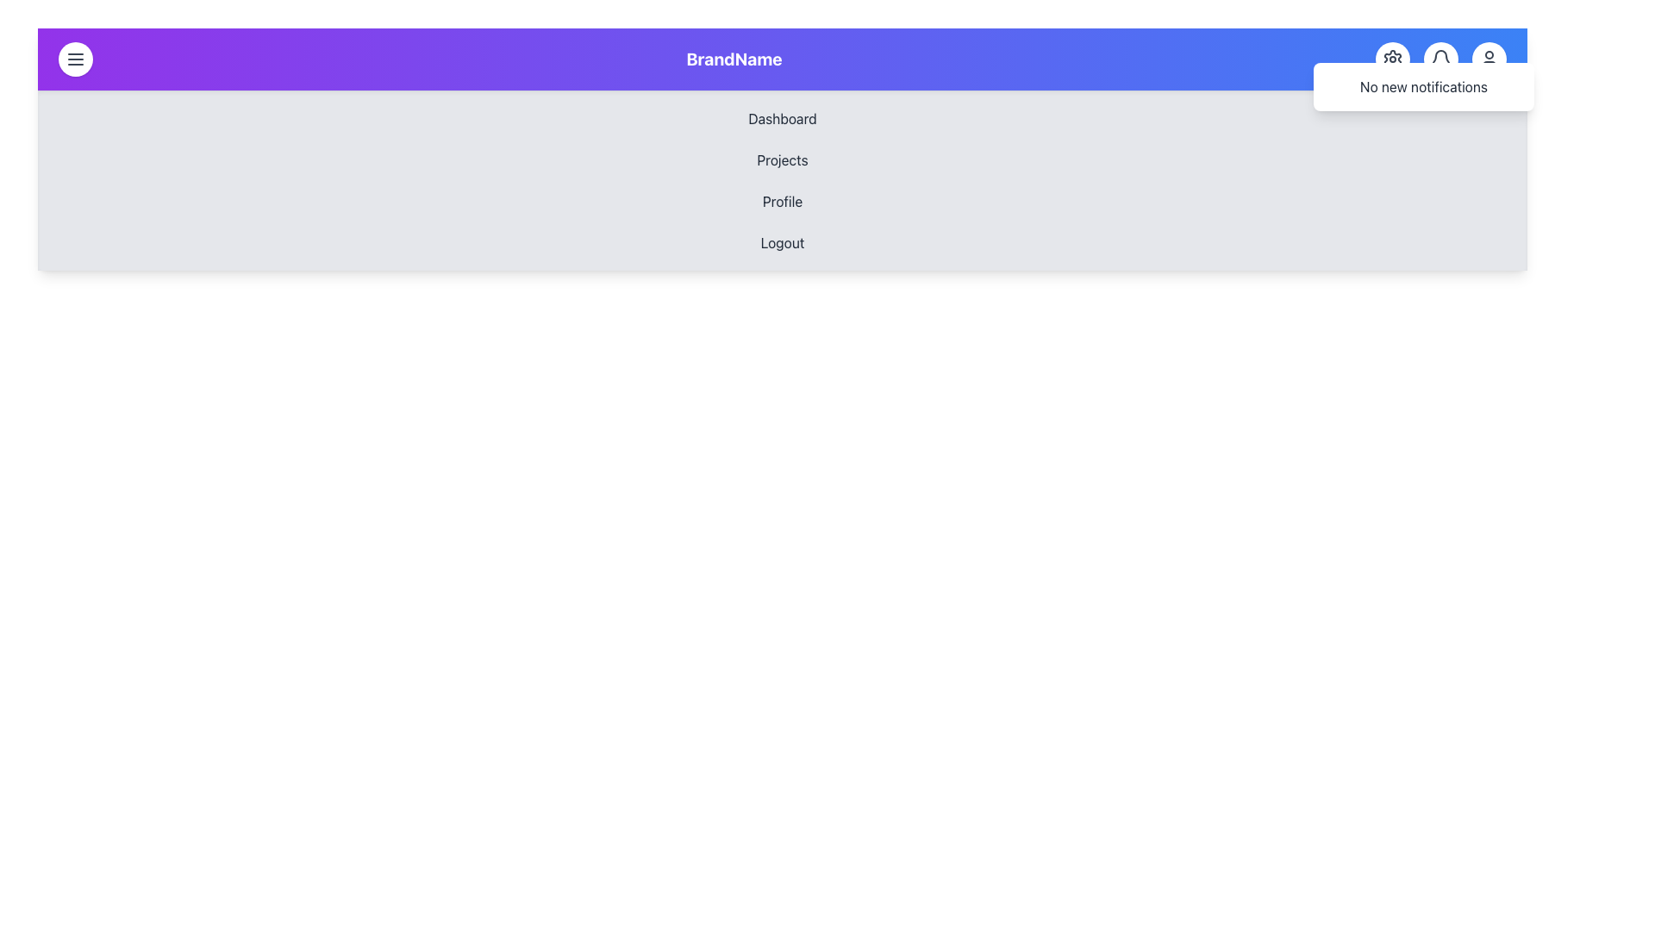 This screenshot has width=1655, height=931. What do you see at coordinates (74, 59) in the screenshot?
I see `the circular menu button with three horizontal lines on the left side of the header` at bounding box center [74, 59].